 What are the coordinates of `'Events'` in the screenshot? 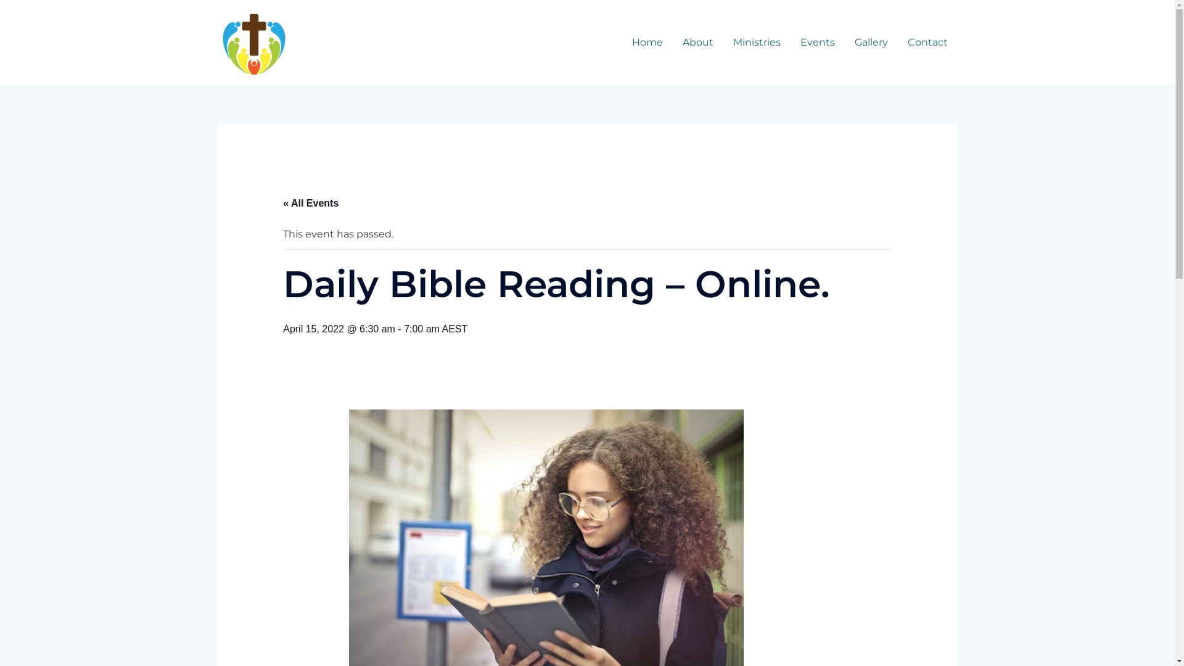 It's located at (817, 42).